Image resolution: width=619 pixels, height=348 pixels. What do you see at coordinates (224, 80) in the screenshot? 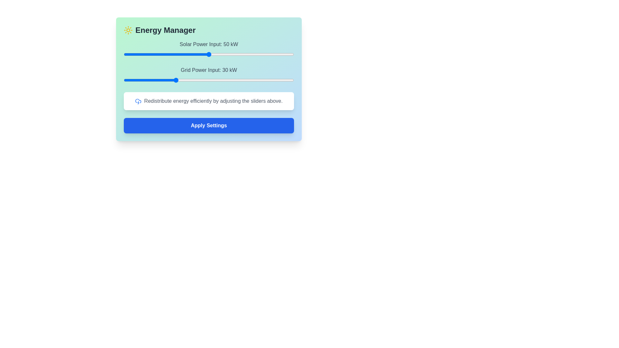
I see `the Grid Power Input slider to 59 kW` at bounding box center [224, 80].